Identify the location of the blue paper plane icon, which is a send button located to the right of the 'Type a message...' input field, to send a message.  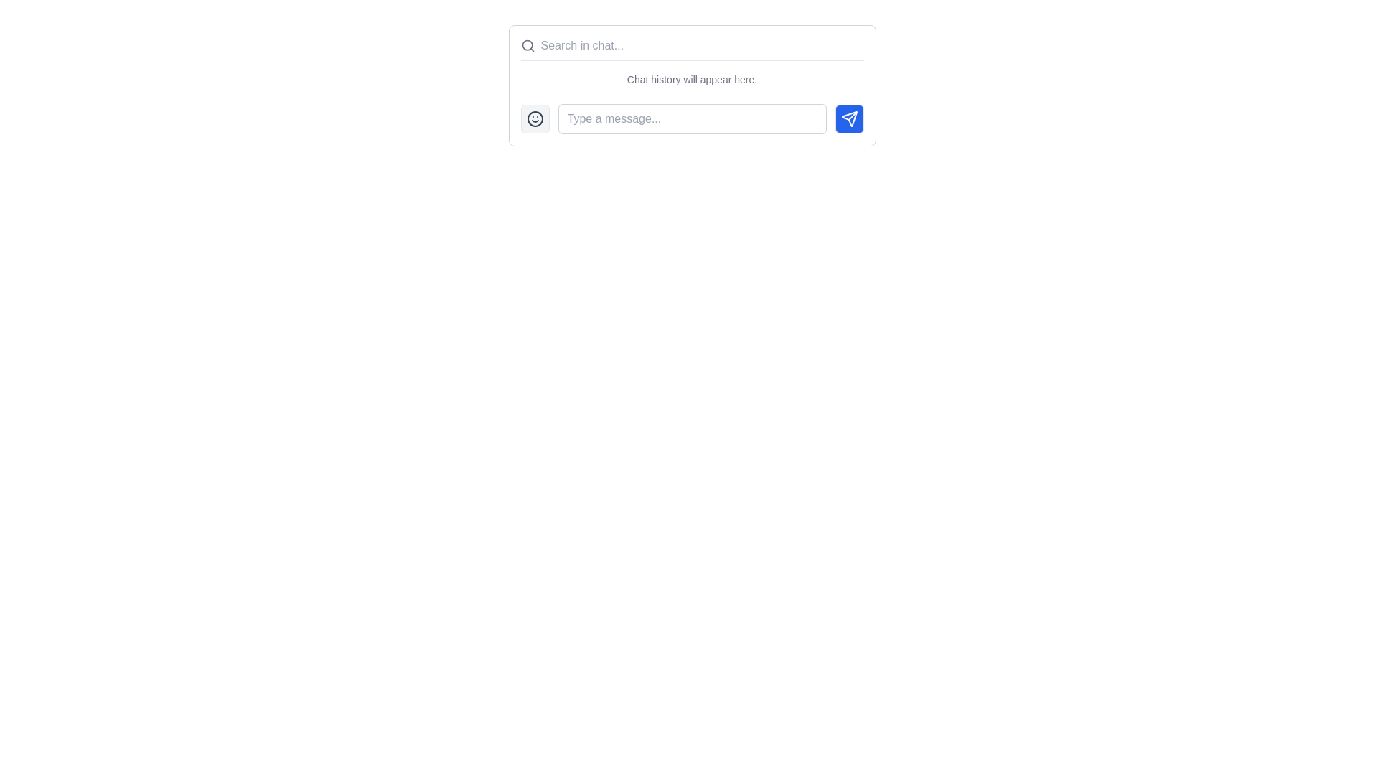
(849, 118).